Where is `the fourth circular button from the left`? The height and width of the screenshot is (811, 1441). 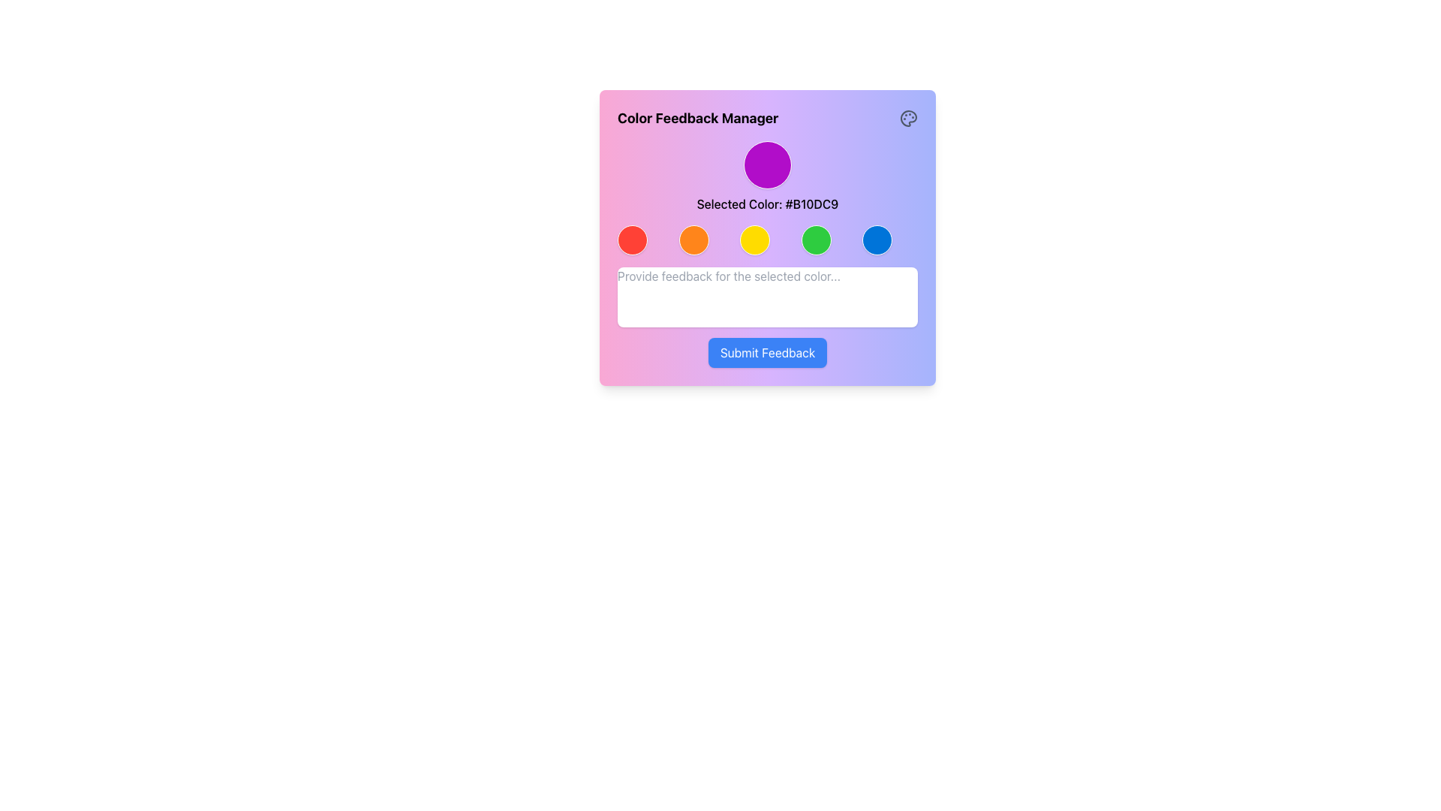
the fourth circular button from the left is located at coordinates (815, 240).